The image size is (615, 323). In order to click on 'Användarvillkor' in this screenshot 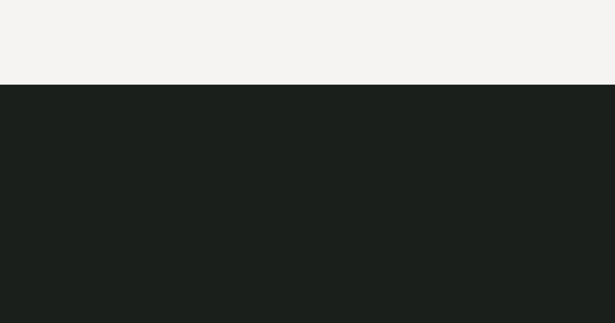, I will do `click(256, 264)`.